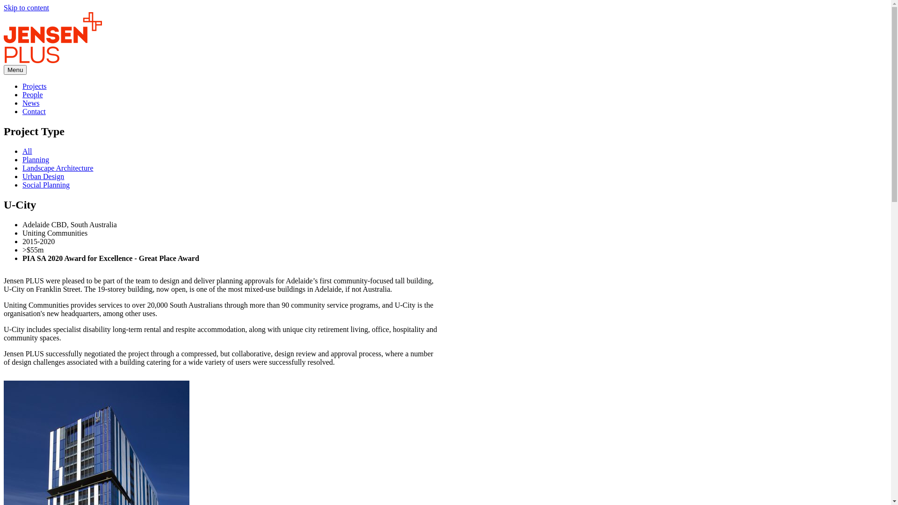 Image resolution: width=898 pixels, height=505 pixels. I want to click on 'Menu', so click(15, 69).